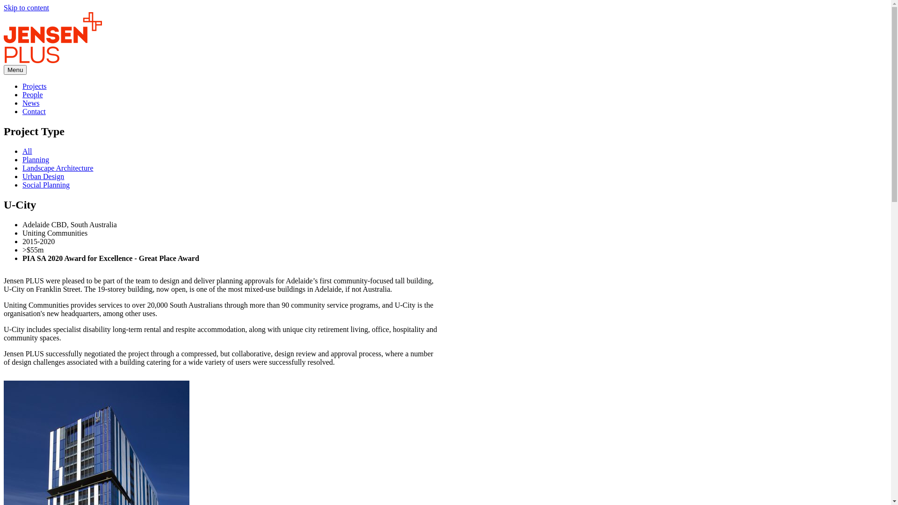 Image resolution: width=898 pixels, height=505 pixels. I want to click on 'Menu', so click(15, 69).